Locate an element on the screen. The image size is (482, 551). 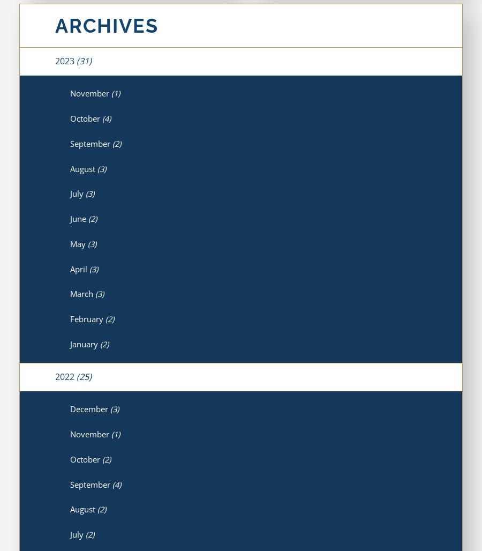
'The Importance of Seeking Medical Care After an Accident' is located at coordinates (171, 230).